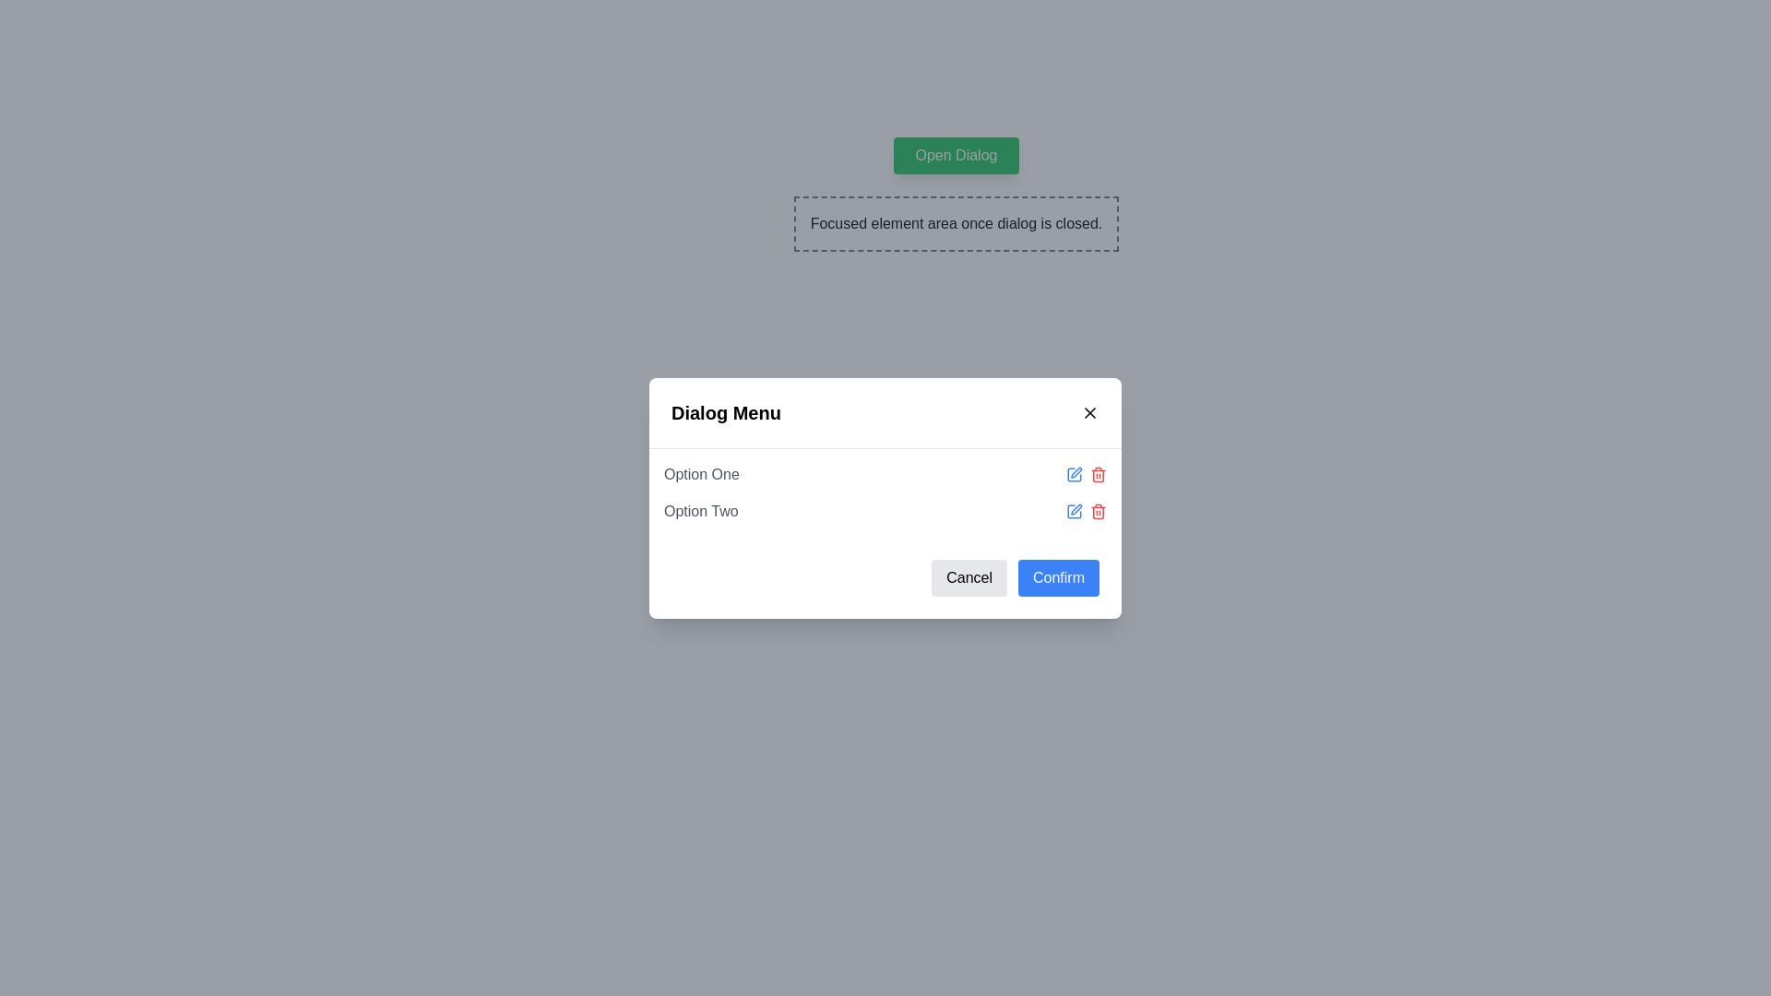 This screenshot has width=1771, height=996. I want to click on the confirm button located at the bottom-right corner of the dialog box, positioned directly to the right of the 'Cancel' button, so click(1058, 576).